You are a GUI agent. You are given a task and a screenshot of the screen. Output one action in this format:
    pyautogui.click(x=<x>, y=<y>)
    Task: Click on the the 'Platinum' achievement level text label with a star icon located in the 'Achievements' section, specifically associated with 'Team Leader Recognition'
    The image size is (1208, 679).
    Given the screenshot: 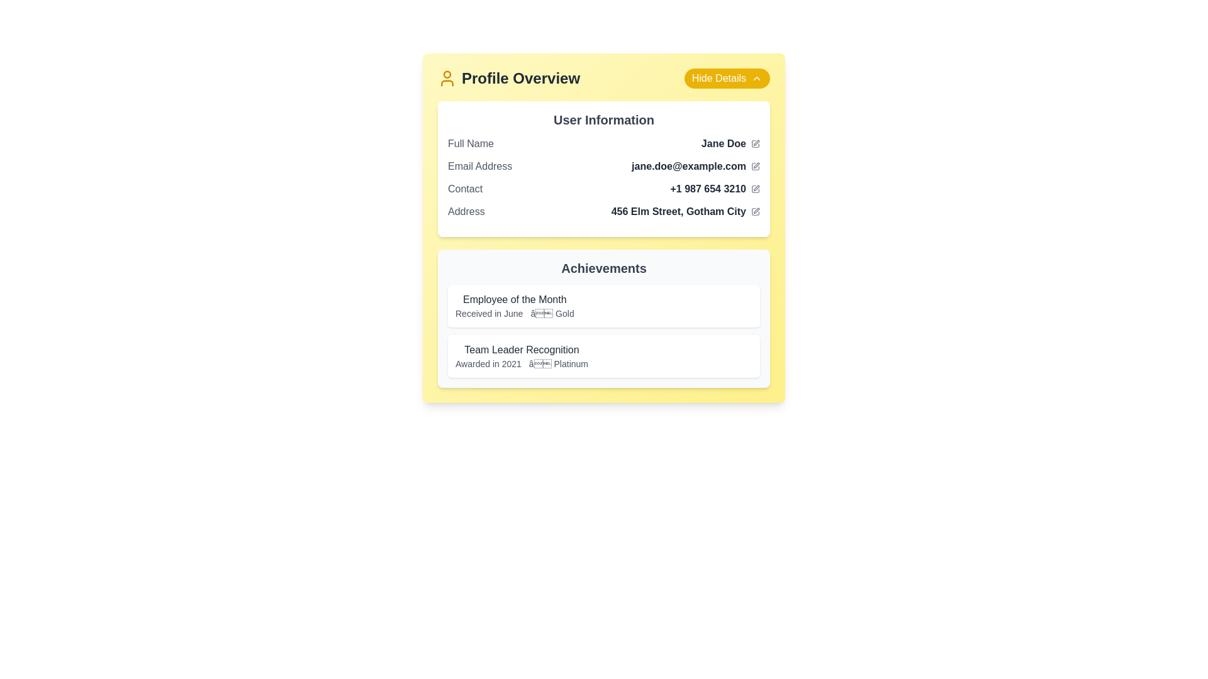 What is the action you would take?
    pyautogui.click(x=558, y=363)
    